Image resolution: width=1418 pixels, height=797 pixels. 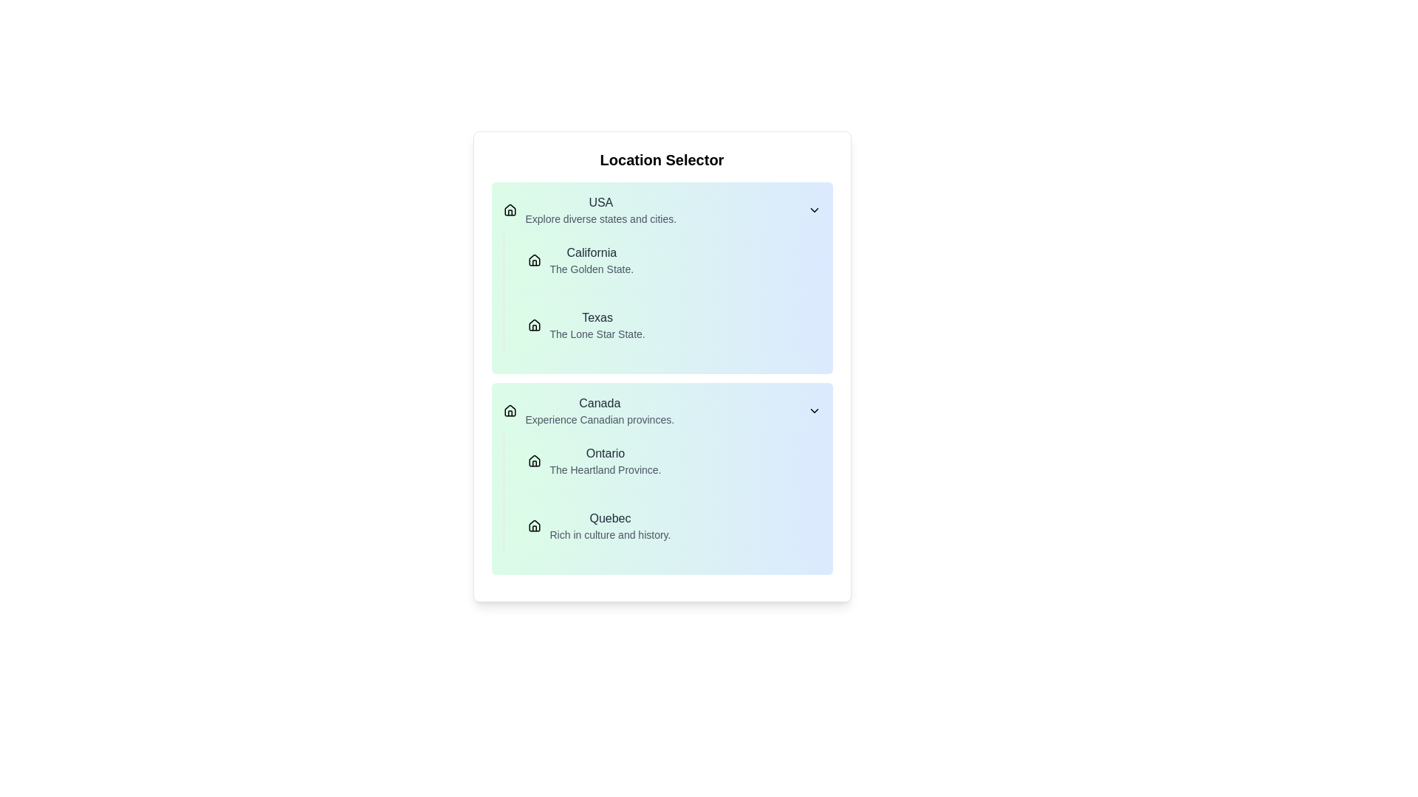 I want to click on the USA dropdown menu header, so click(x=661, y=210).